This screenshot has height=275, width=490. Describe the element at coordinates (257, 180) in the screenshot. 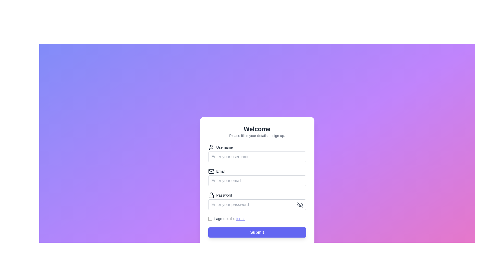

I see `the Text input field for email address located below the 'Email' label, to bring up the keyboard on mobile` at that location.